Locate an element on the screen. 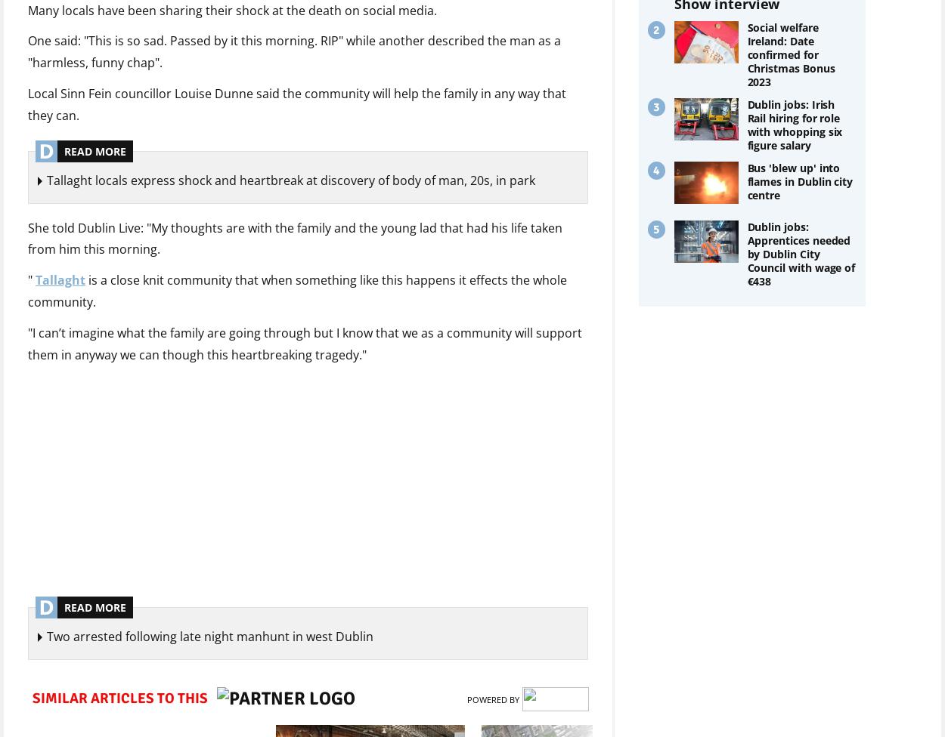  'is a close knit community that when something like this happens it effects the whole community.' is located at coordinates (28, 290).